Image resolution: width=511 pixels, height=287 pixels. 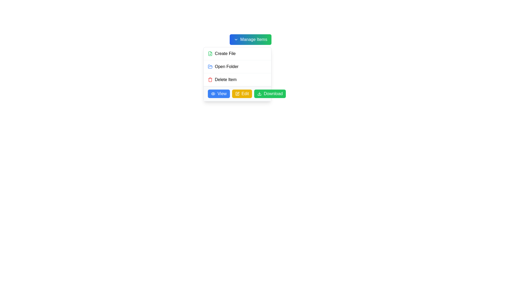 What do you see at coordinates (210, 80) in the screenshot?
I see `the rectangular base of the trash icon, which is part of the 'Delete Item' row in the menu interface` at bounding box center [210, 80].